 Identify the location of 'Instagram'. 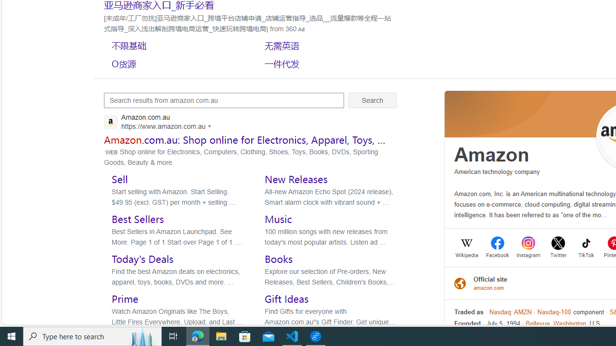
(528, 254).